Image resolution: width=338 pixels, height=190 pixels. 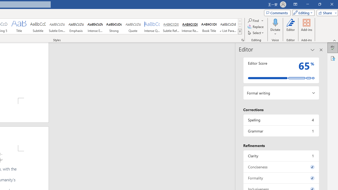 I want to click on 'Accessibility', so click(x=332, y=58).